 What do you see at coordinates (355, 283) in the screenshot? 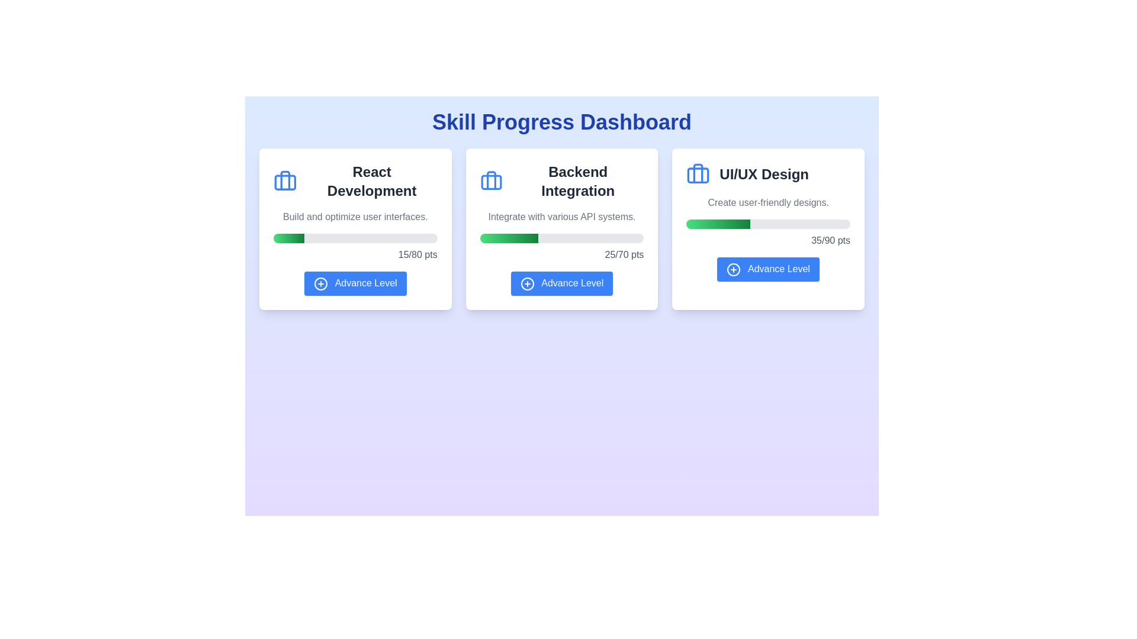
I see `the button located at the bottom of the React Development card` at bounding box center [355, 283].